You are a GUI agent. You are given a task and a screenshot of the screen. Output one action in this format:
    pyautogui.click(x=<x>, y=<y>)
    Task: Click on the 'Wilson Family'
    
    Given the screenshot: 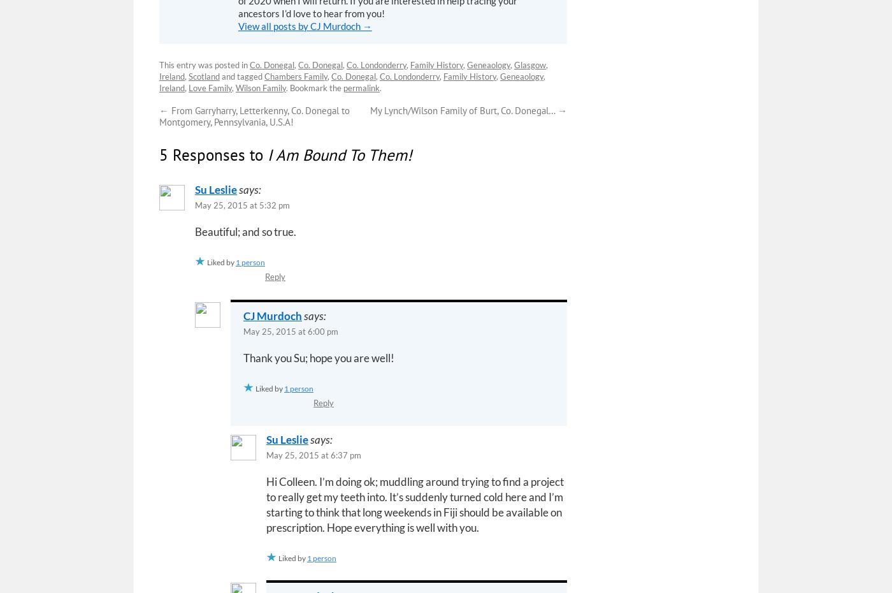 What is the action you would take?
    pyautogui.click(x=261, y=87)
    